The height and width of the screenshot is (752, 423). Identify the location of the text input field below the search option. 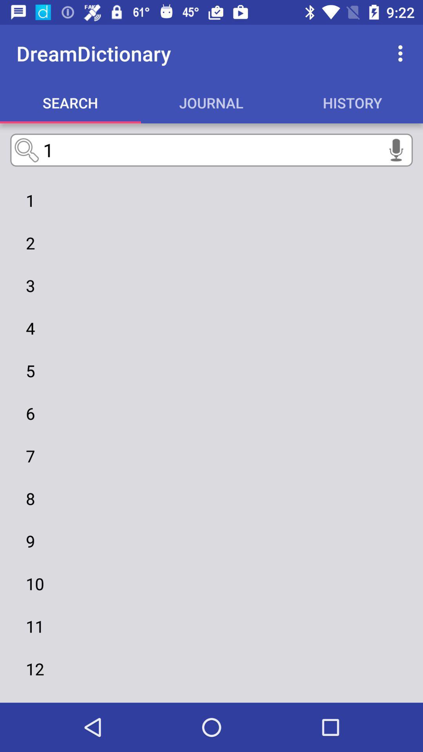
(211, 150).